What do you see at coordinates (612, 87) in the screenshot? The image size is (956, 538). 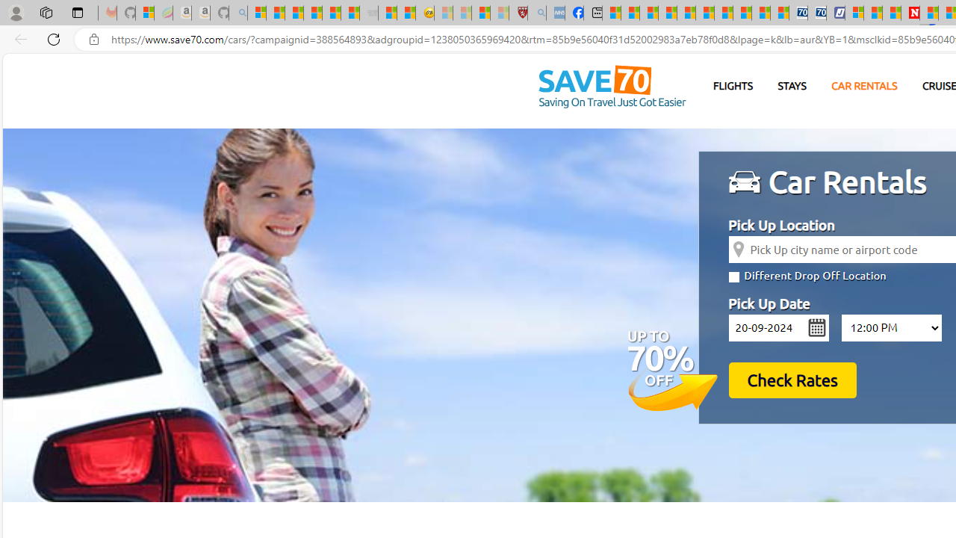 I see `'Homepage'` at bounding box center [612, 87].